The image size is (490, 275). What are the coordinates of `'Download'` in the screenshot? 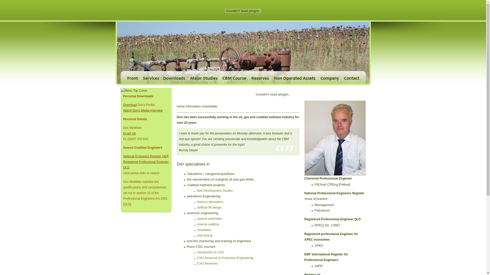 It's located at (130, 105).